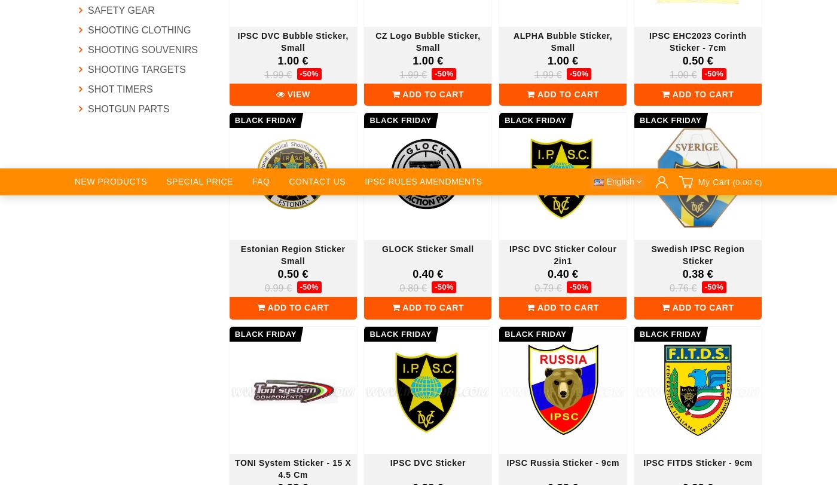  Describe the element at coordinates (216, 185) in the screenshot. I see `'Frequently Asked Questions'` at that location.